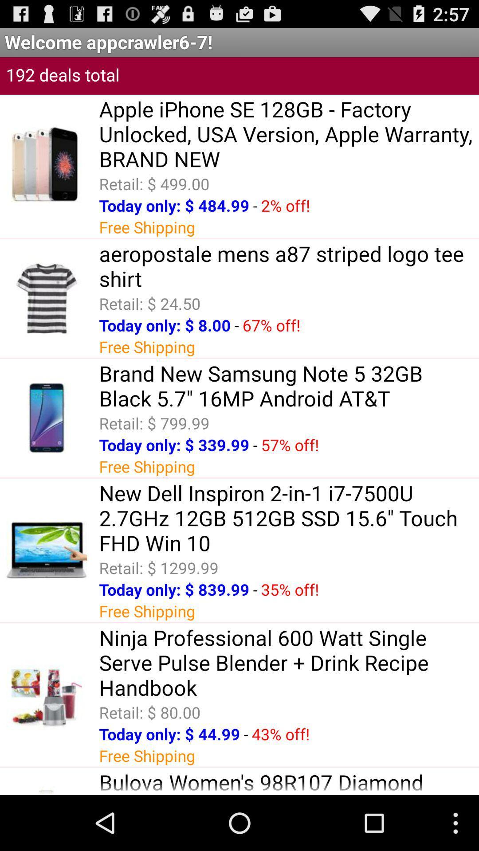  I want to click on aeropostale mens a87, so click(289, 265).